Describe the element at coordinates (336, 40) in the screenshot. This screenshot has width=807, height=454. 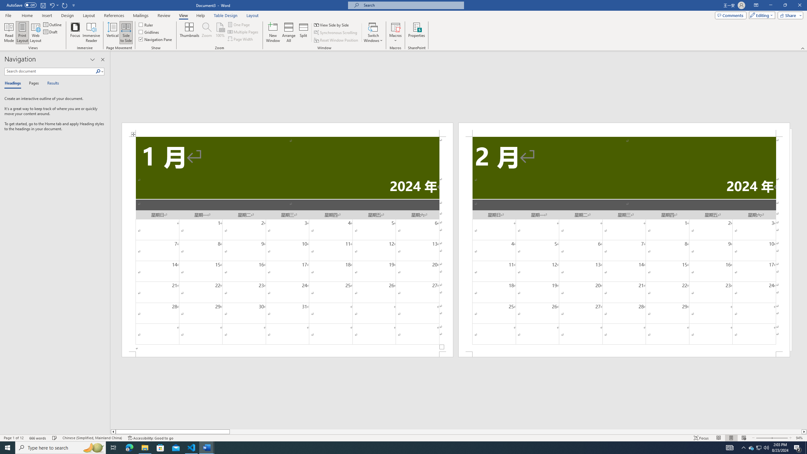
I see `'Reset Window Position'` at that location.